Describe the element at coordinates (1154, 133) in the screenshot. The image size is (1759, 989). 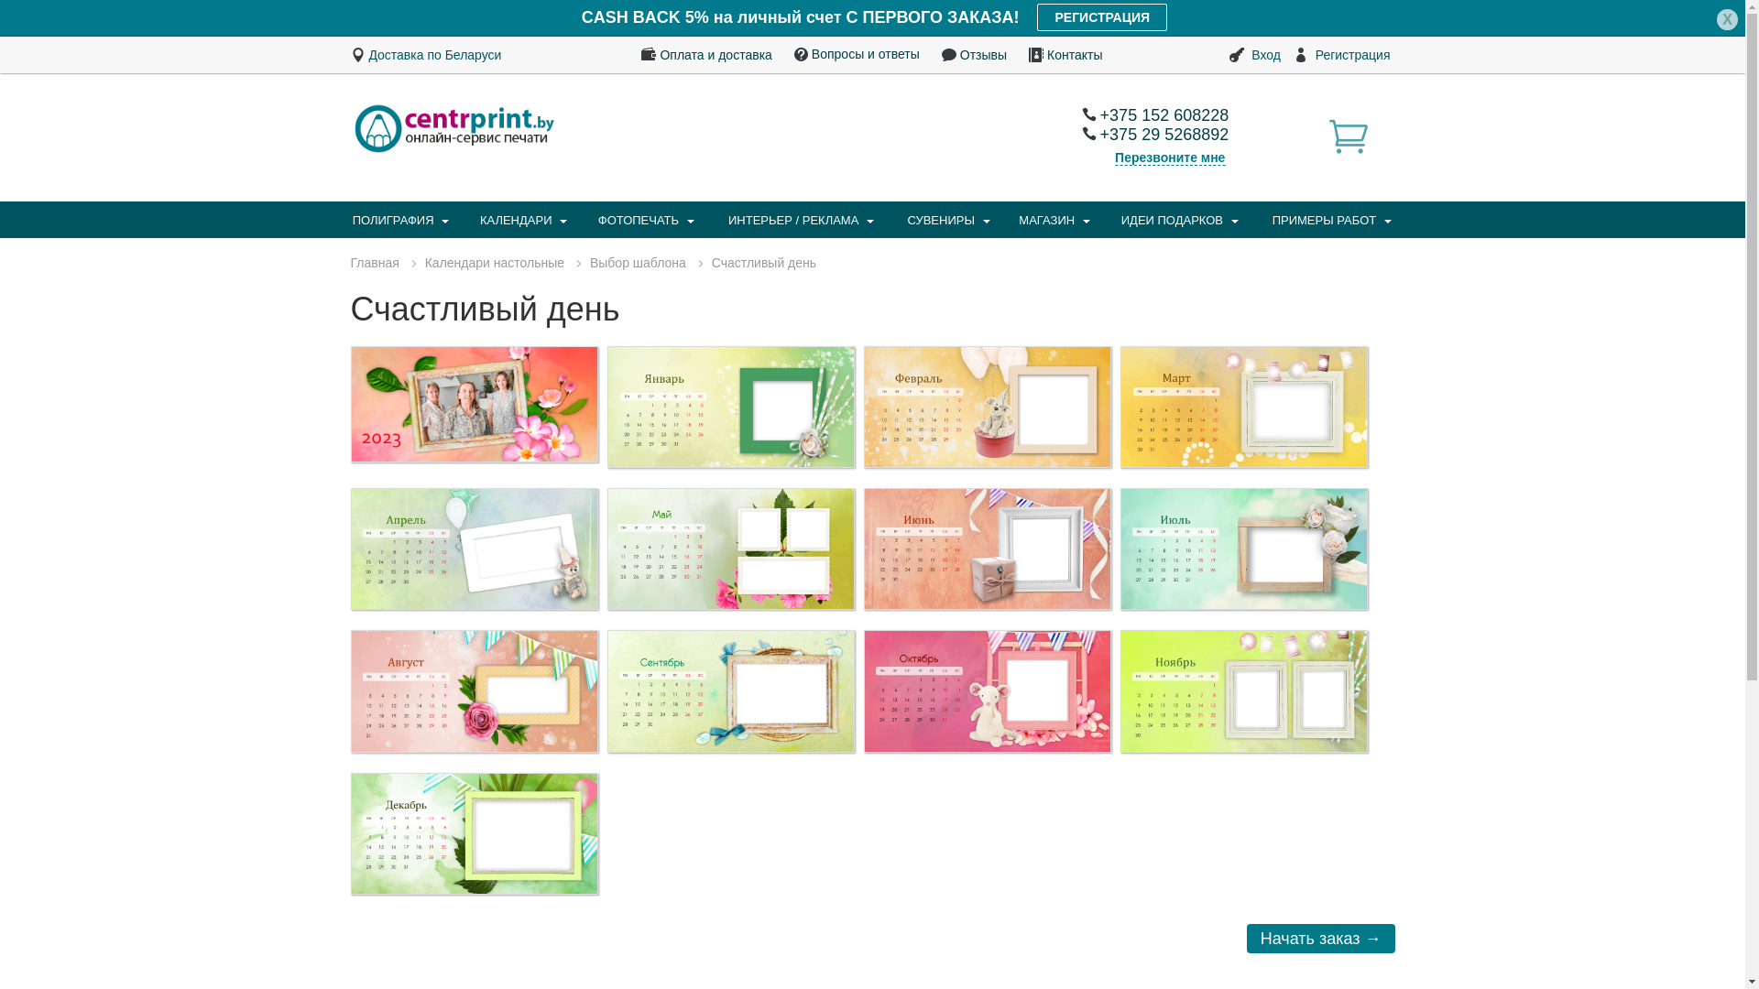
I see `'+375 29 5268892'` at that location.